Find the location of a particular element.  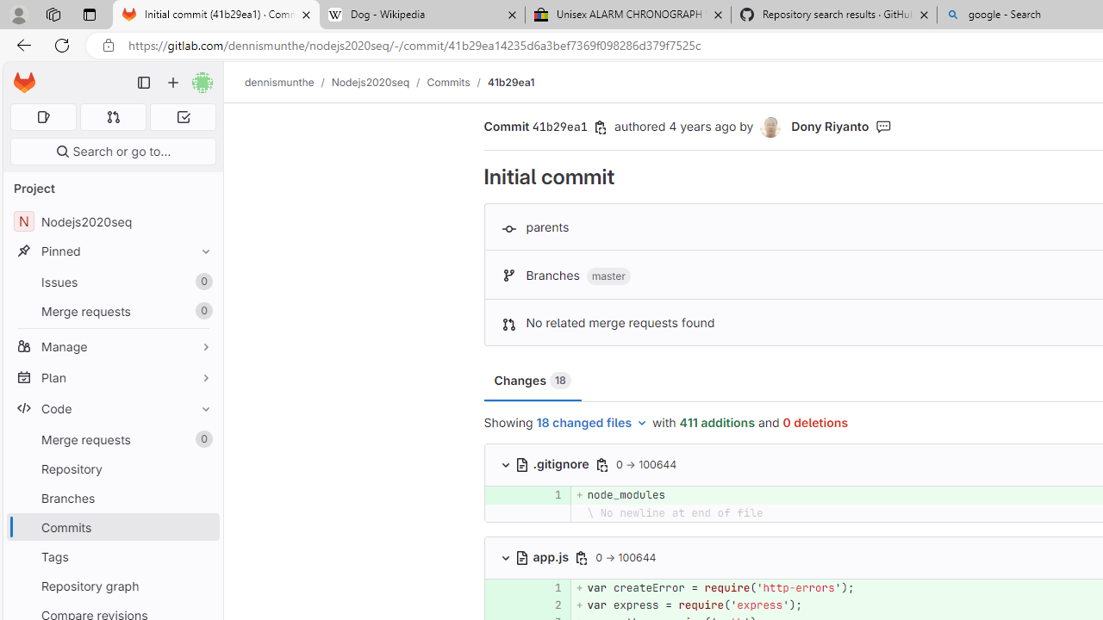

'Manage' is located at coordinates (112, 346).